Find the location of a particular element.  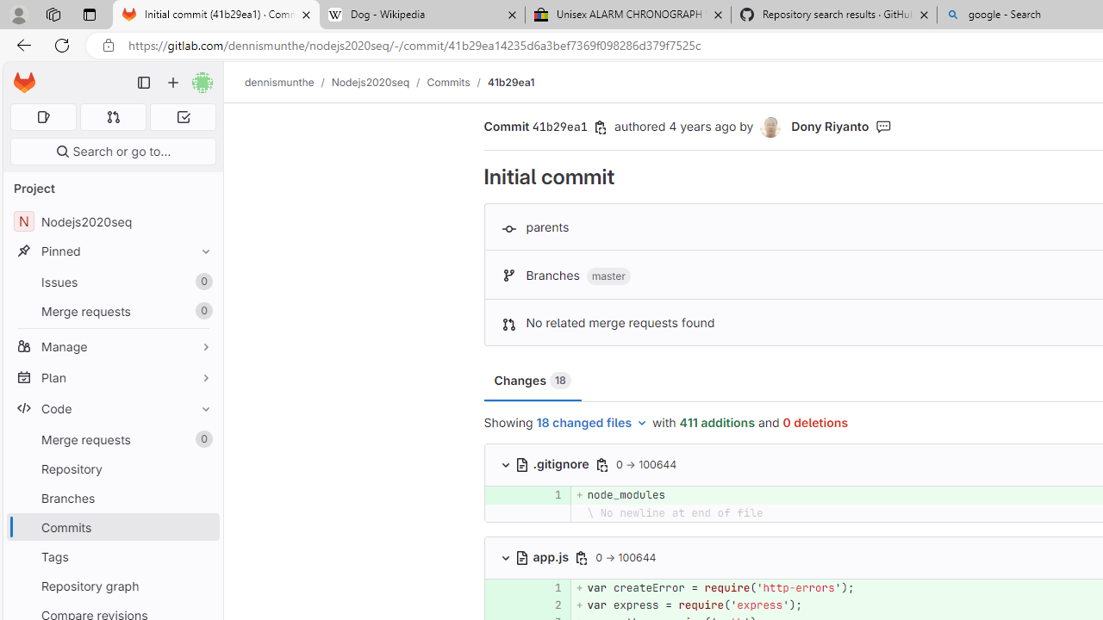

'Manage' is located at coordinates (112, 346).